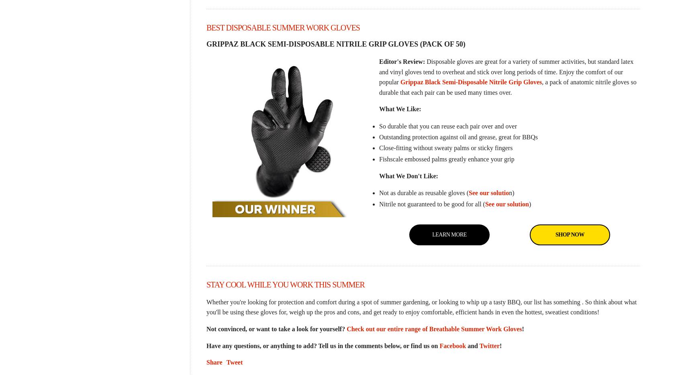 The height and width of the screenshot is (375, 678). What do you see at coordinates (449, 234) in the screenshot?
I see `'Learn More'` at bounding box center [449, 234].